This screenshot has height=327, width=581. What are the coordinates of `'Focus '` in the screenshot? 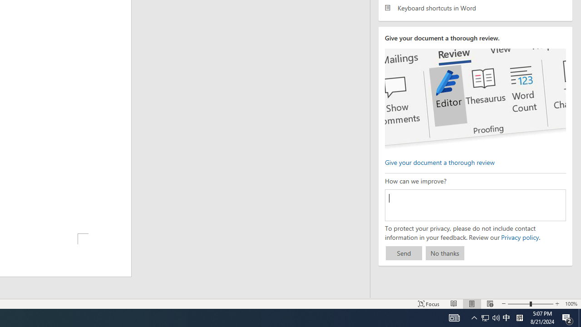 It's located at (428, 304).